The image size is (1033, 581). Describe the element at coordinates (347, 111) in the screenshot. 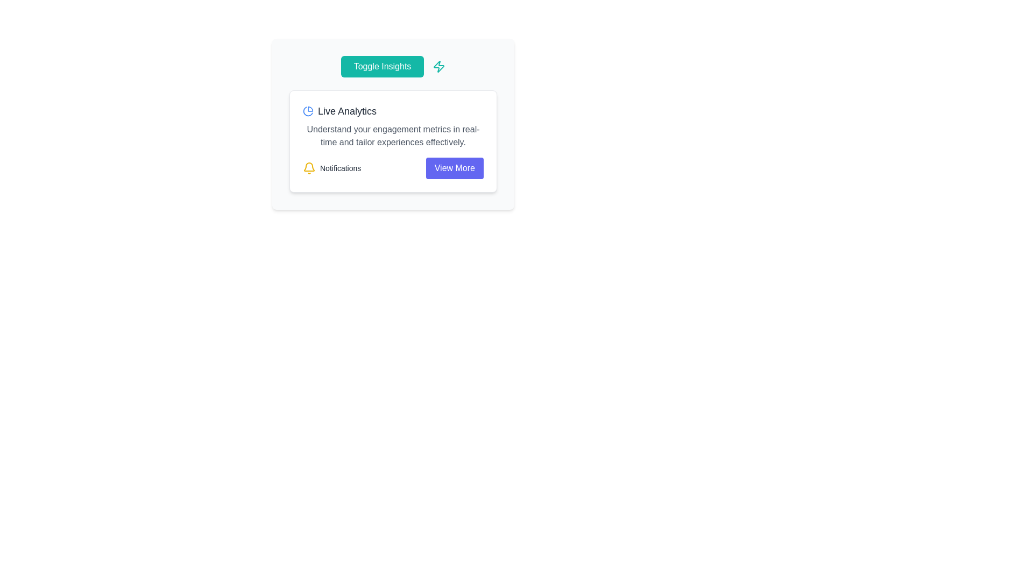

I see `the text label styled with a medium font size and dark gray color, located just below the 'Toggle Insights' button in the upper section of the card` at that location.